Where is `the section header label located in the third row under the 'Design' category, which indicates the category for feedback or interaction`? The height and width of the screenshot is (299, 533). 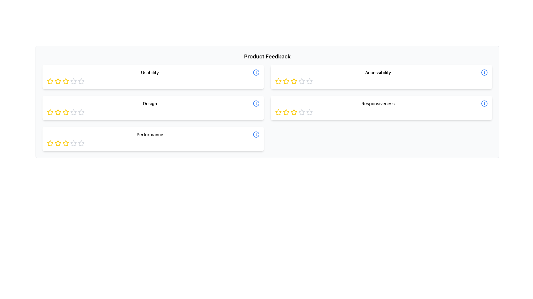
the section header label located in the third row under the 'Design' category, which indicates the category for feedback or interaction is located at coordinates (153, 135).